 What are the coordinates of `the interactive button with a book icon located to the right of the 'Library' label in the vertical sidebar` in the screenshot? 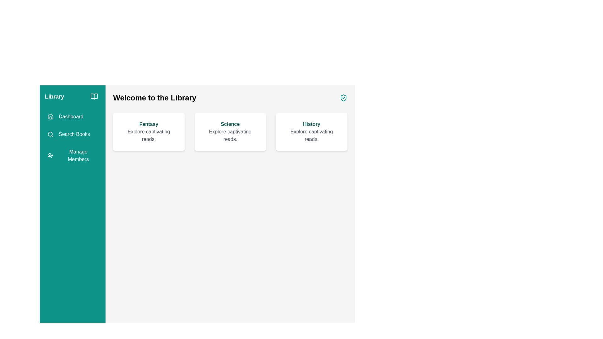 It's located at (94, 97).